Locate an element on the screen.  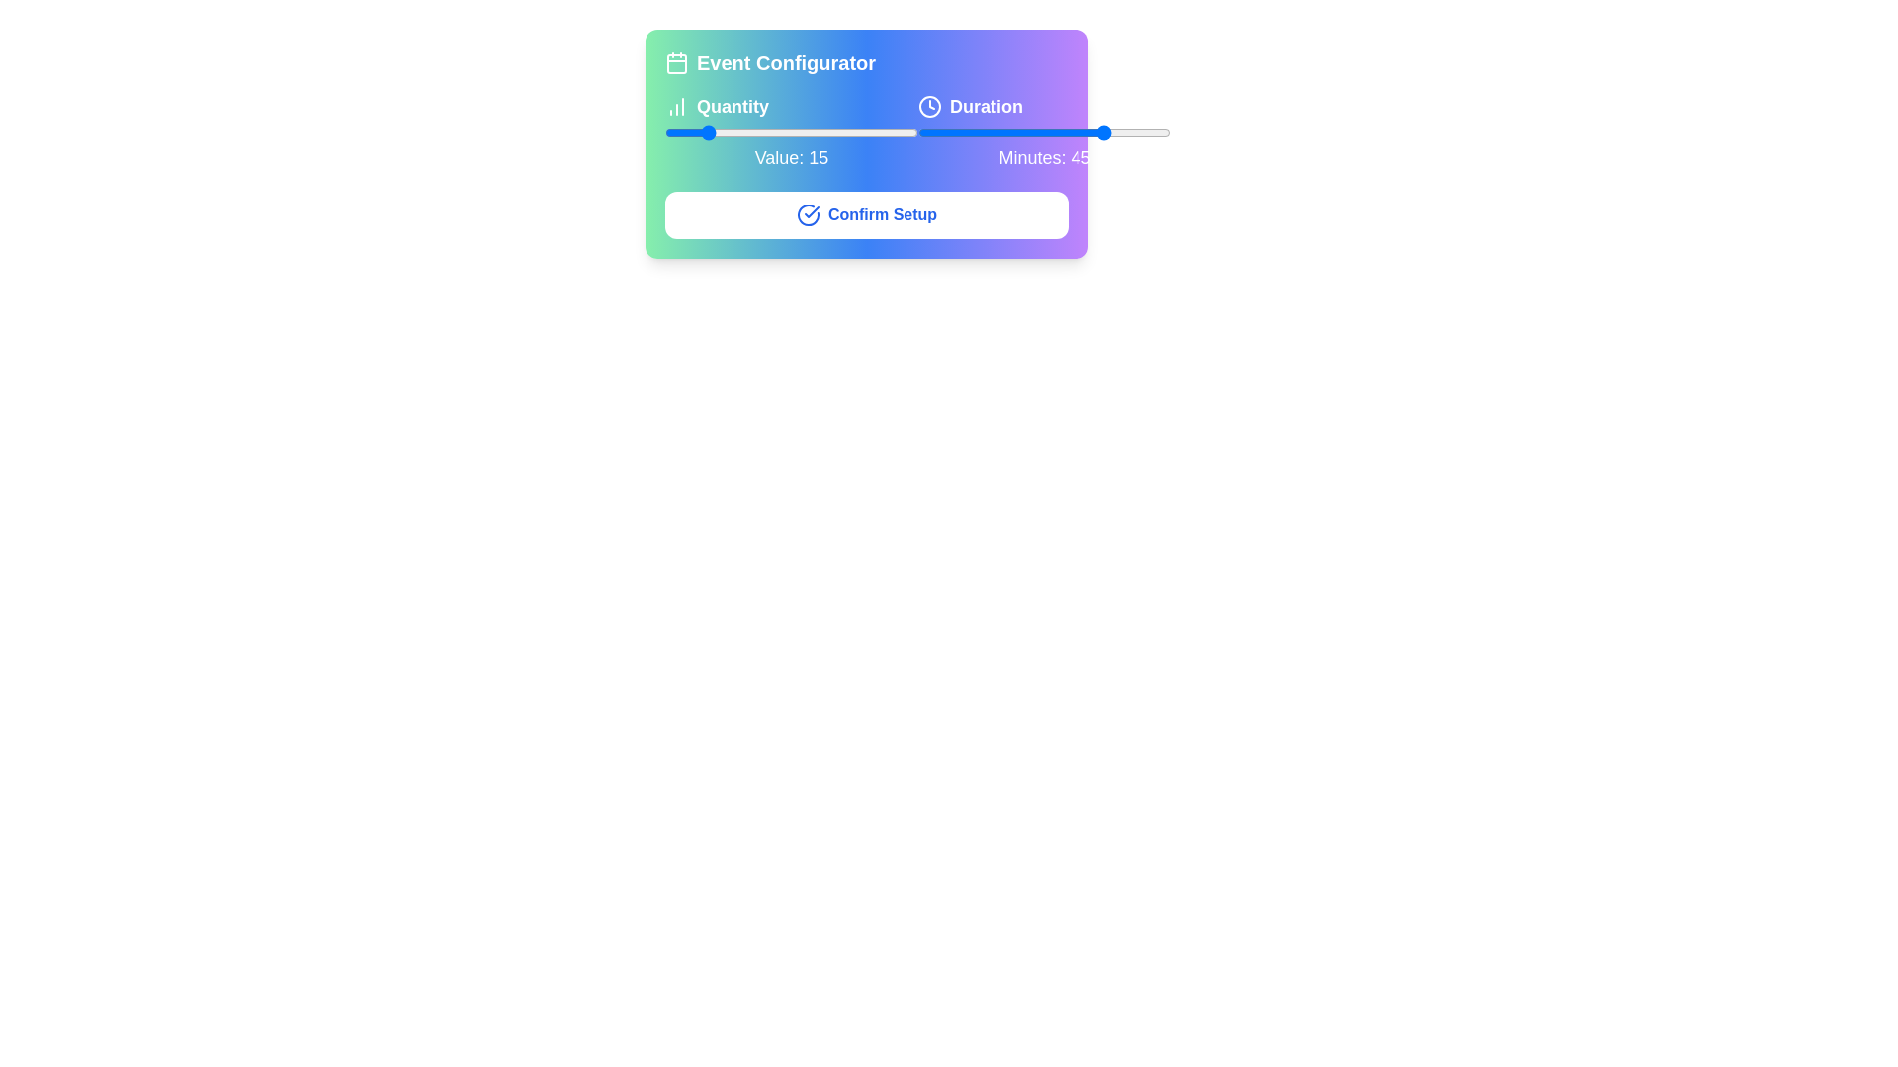
the clock icon that represents duration, located directly to the left of the 'Duration' label in the 'Event Configurator' layout is located at coordinates (928, 107).